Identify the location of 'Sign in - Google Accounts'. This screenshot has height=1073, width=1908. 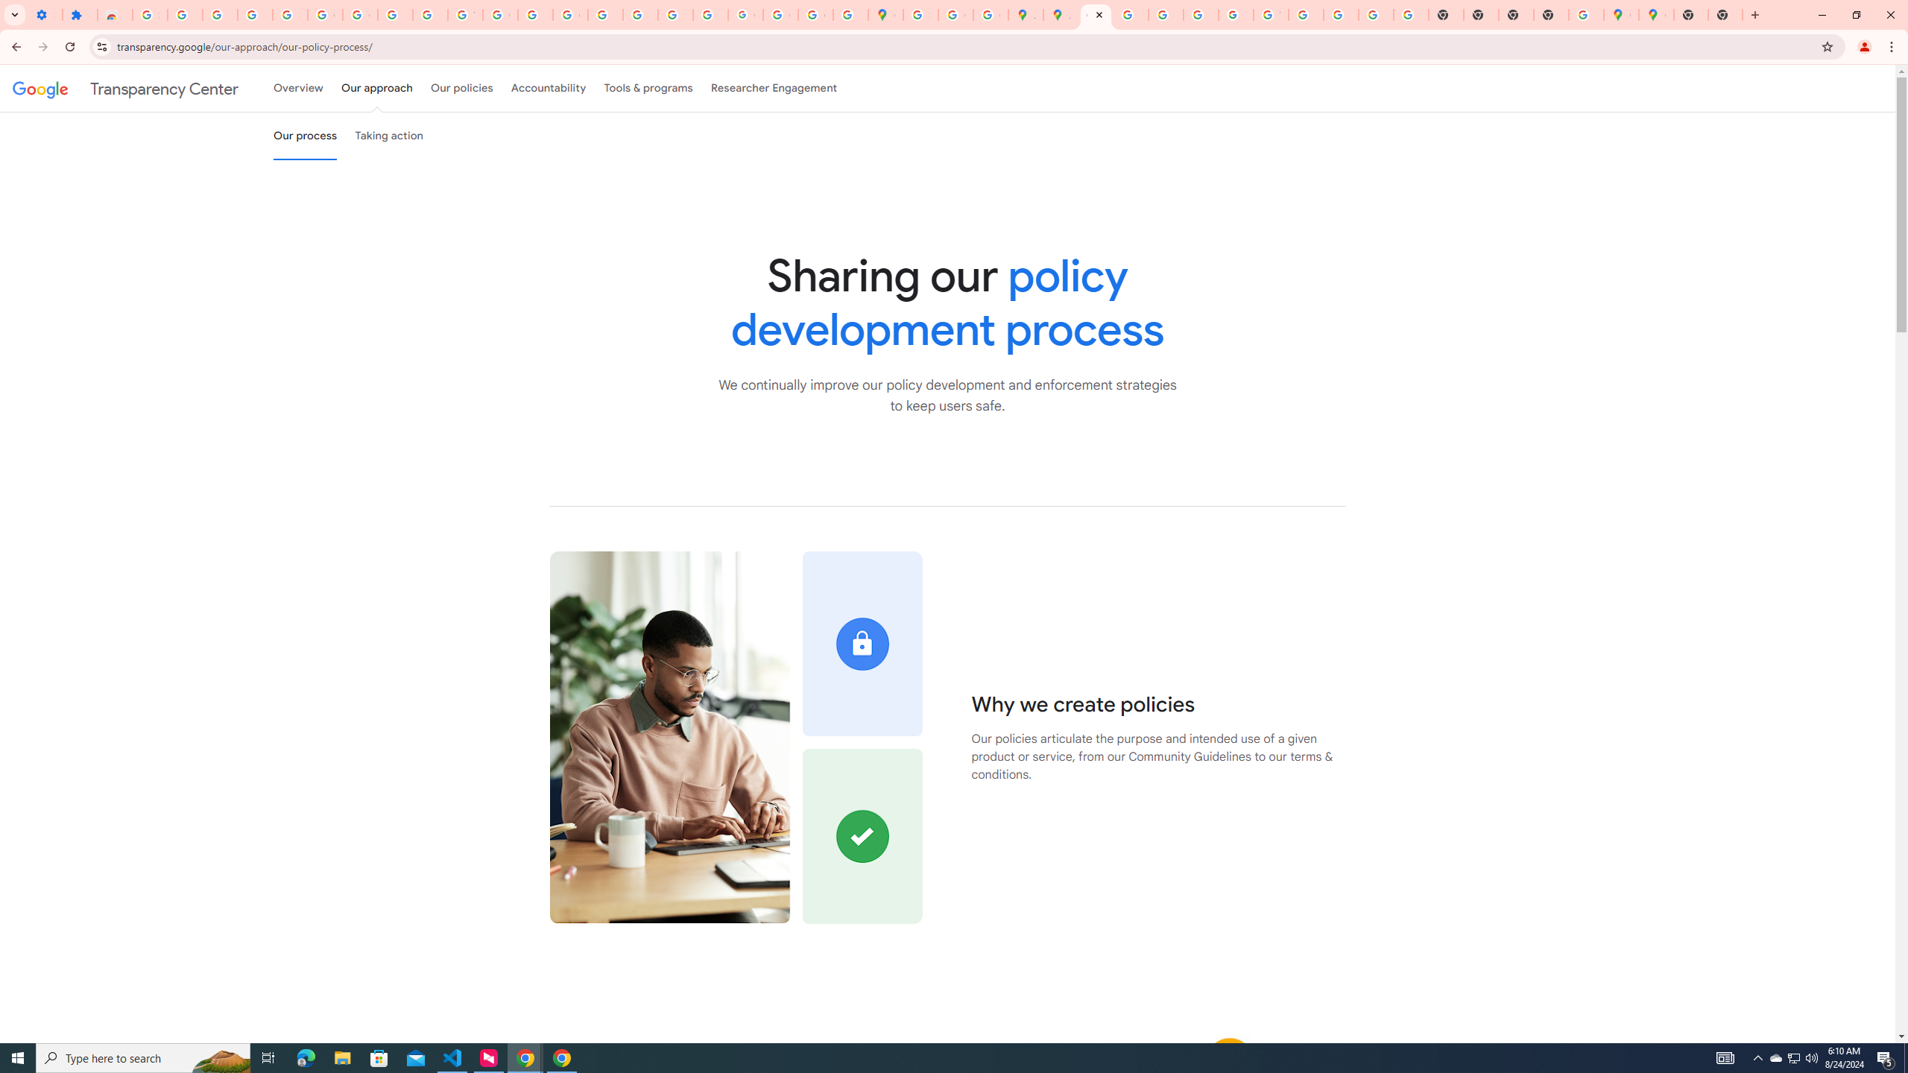
(148, 14).